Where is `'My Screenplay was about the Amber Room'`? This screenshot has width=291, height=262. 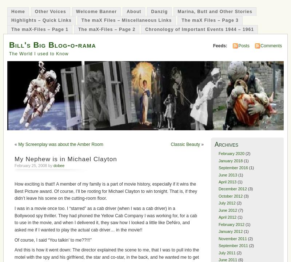 'My Screenplay was about the Amber Room' is located at coordinates (60, 144).